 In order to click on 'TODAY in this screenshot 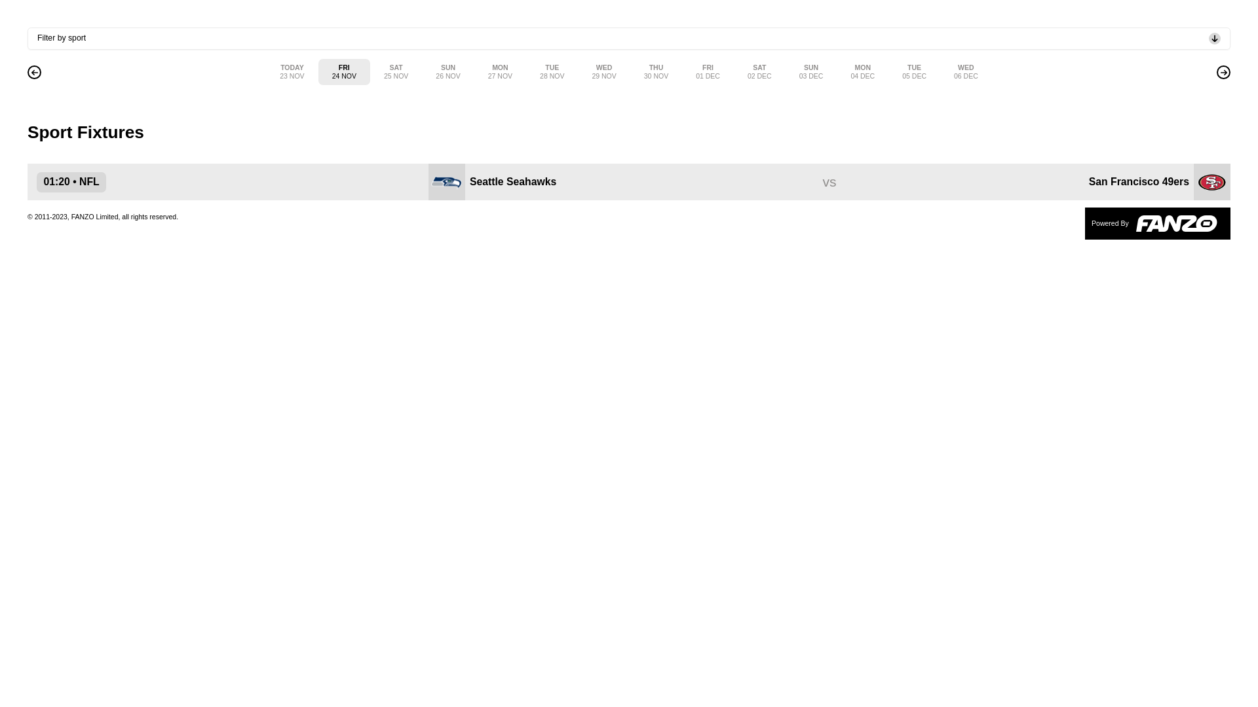, I will do `click(265, 72)`.